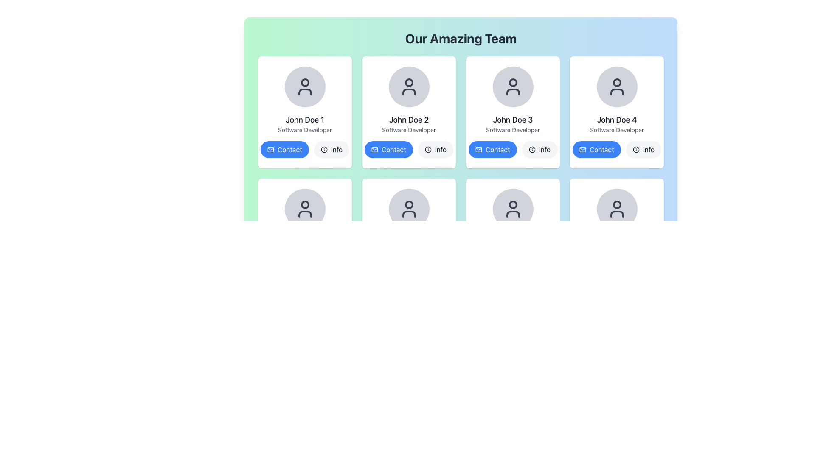 This screenshot has width=815, height=458. What do you see at coordinates (512, 120) in the screenshot?
I see `the text label reading 'John Doe 3', which is bold and medium-sized, located in the second row and third column of a 2x4 grid layout, within a card format` at bounding box center [512, 120].